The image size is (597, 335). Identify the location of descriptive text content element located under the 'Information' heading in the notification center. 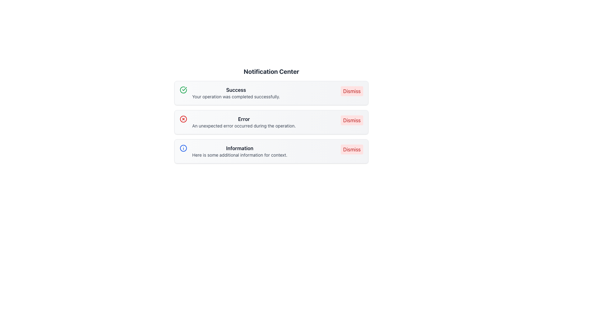
(239, 151).